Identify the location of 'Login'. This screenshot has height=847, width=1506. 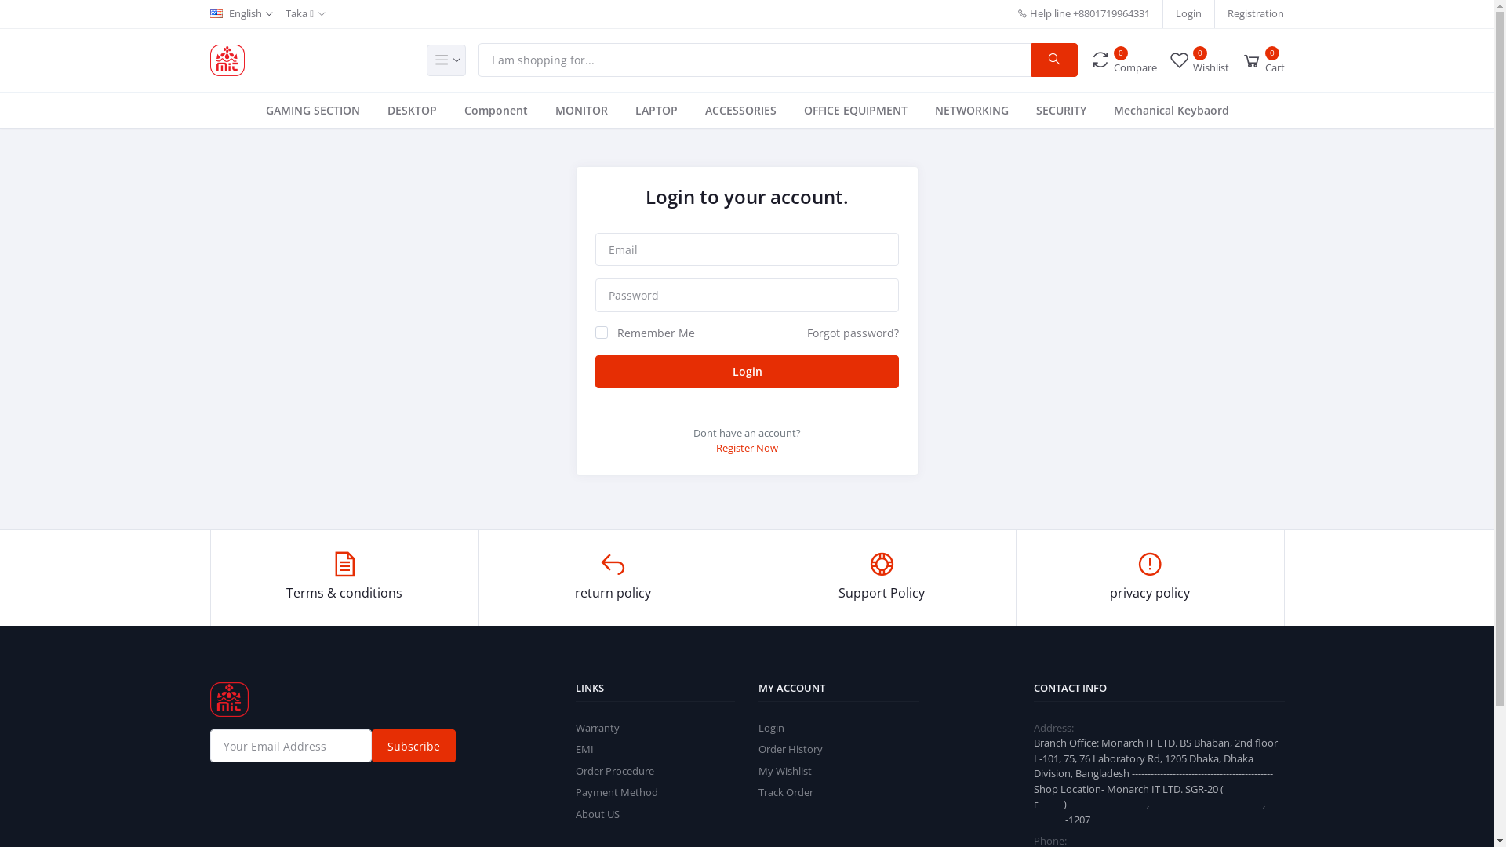
(1188, 14).